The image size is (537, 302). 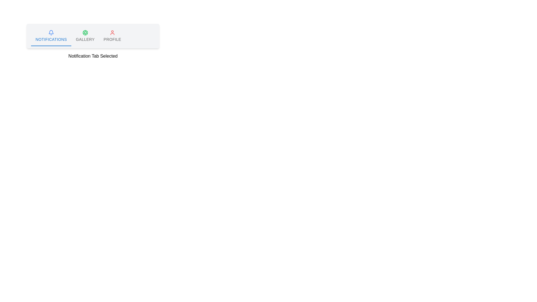 What do you see at coordinates (85, 36) in the screenshot?
I see `the 'Gallery' tab button` at bounding box center [85, 36].